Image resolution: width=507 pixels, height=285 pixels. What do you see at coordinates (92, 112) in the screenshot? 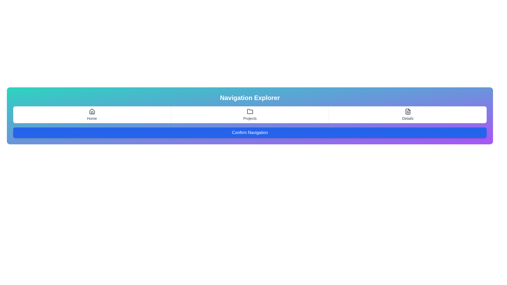
I see `the vertical rectangular segment representing a door in the center of the house icon` at bounding box center [92, 112].